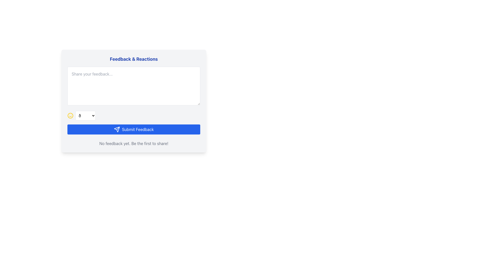 This screenshot has width=483, height=271. What do you see at coordinates (116, 129) in the screenshot?
I see `the feedback submission icon located to the left side of the 'Submit Feedback' button, which is centered vertically within the button` at bounding box center [116, 129].